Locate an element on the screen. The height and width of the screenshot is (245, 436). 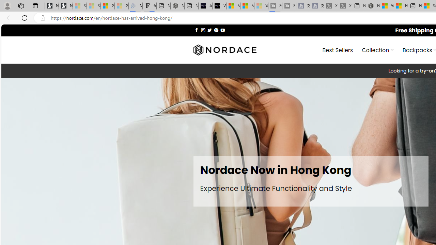
'Follow on Instagram' is located at coordinates (203, 30).